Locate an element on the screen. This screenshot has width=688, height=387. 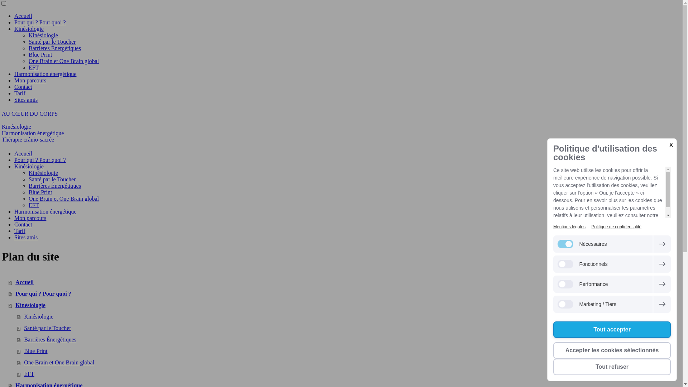
'Pour qui ? Pour quoi ?' is located at coordinates (9, 294).